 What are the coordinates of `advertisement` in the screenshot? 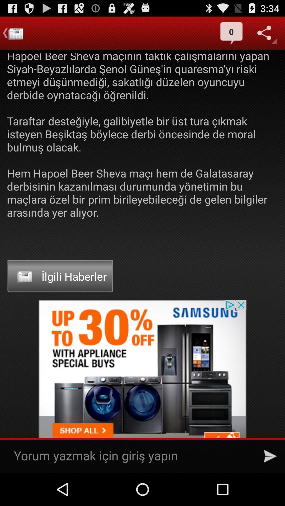 It's located at (142, 386).